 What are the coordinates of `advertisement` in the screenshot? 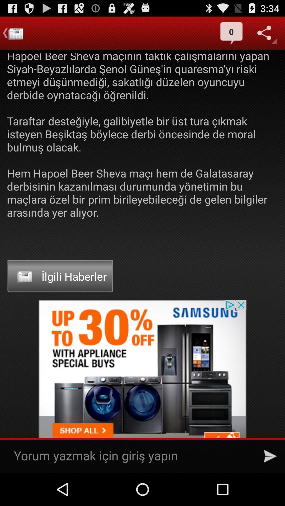 It's located at (142, 386).